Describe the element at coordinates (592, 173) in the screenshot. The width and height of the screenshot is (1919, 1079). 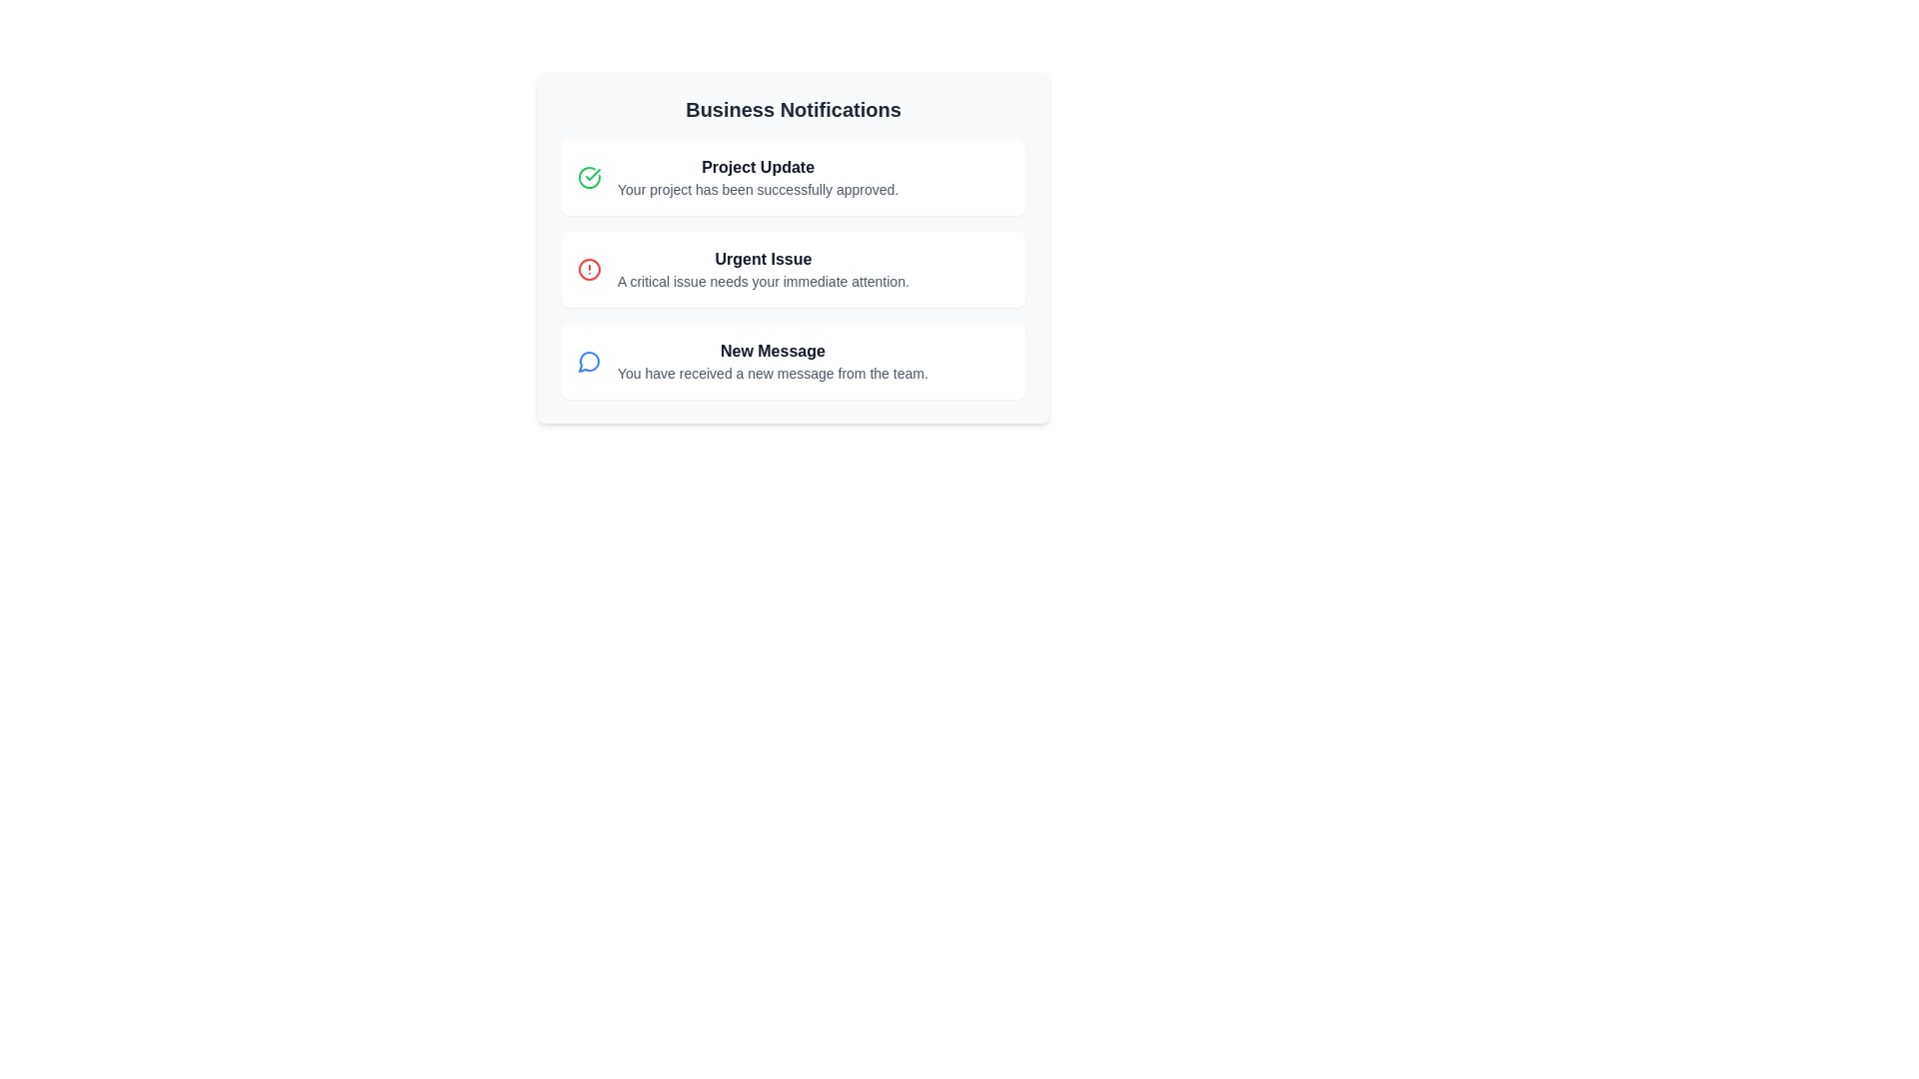
I see `the green outlined checkmark icon embedded in the notification for 'Project Update' at the topmost notification line` at that location.